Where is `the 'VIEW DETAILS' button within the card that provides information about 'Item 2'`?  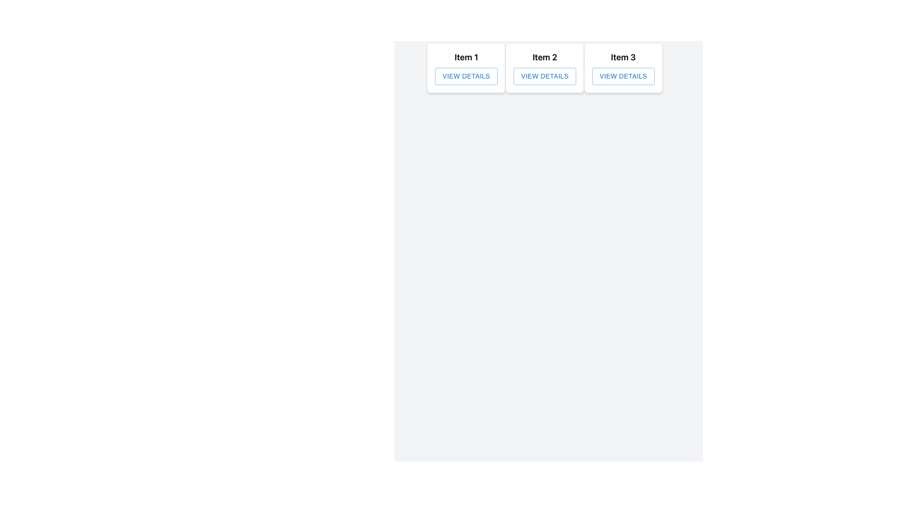
the 'VIEW DETAILS' button within the card that provides information about 'Item 2' is located at coordinates (545, 67).